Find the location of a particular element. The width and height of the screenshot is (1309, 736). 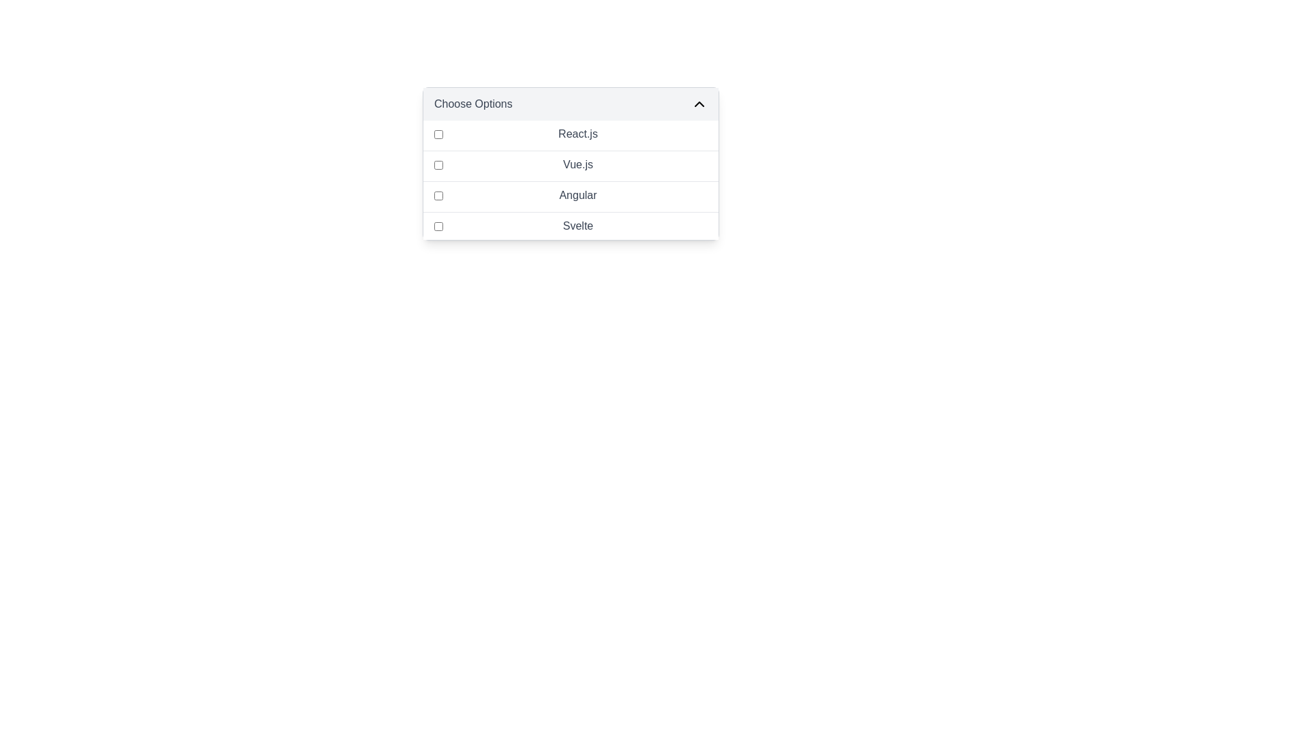

the checkbox preceding the text 'Angular' is located at coordinates (438, 195).